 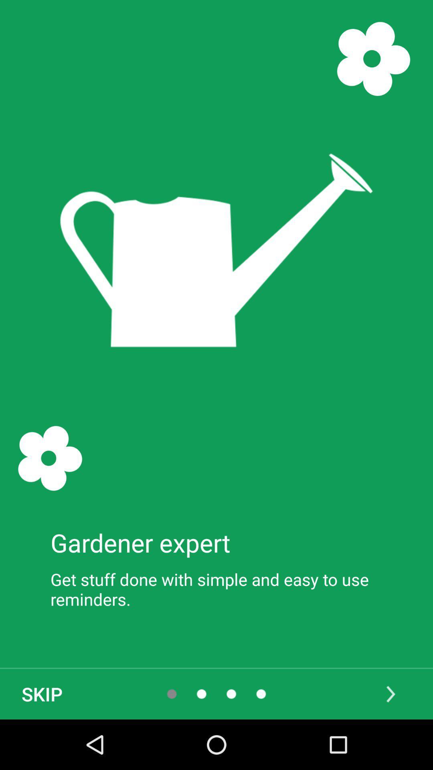 I want to click on item below get stuff done, so click(x=42, y=694).